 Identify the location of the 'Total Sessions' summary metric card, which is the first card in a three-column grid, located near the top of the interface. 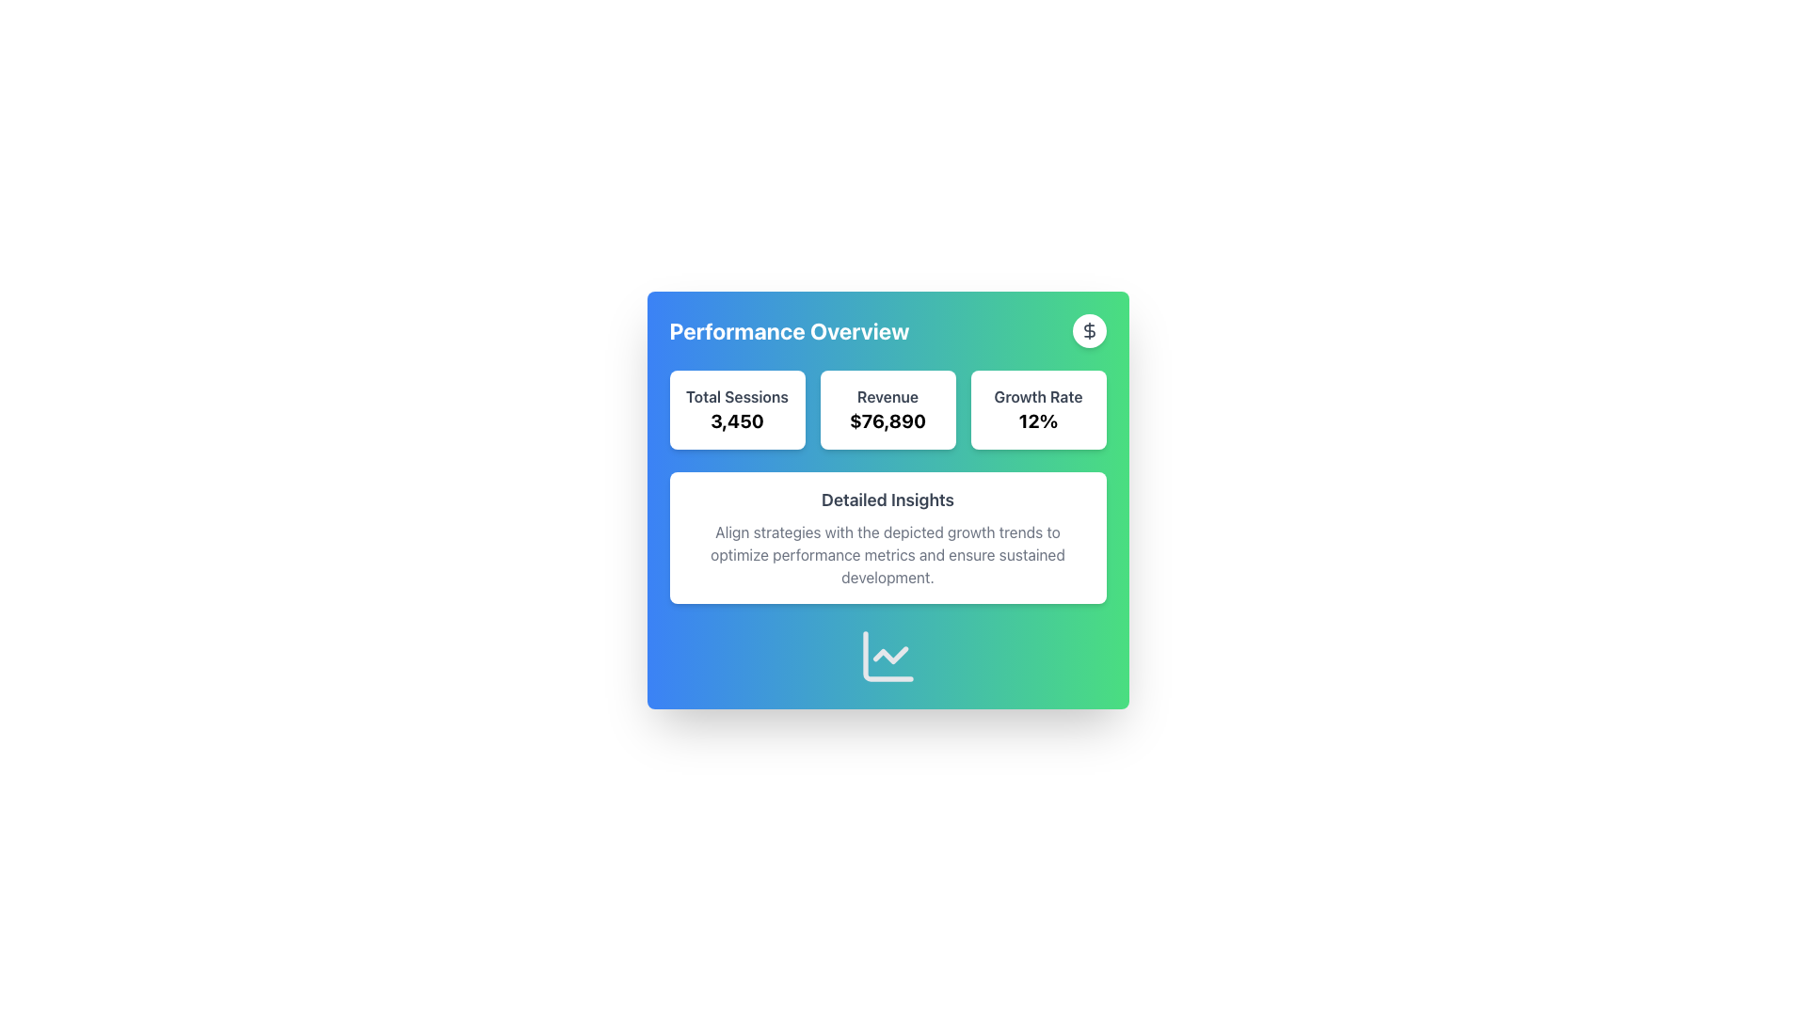
(736, 408).